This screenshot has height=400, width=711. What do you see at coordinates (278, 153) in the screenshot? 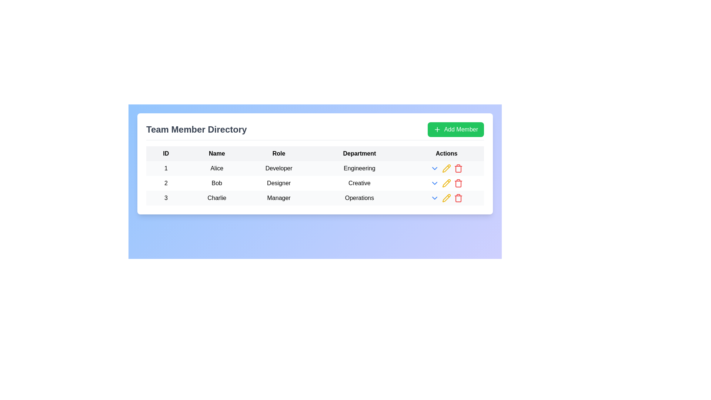
I see `the 'Role' table header, which is the third column header in a table row labeled 'ID', 'Name', 'Role', 'Department', and 'Actions'. This header is styled in bold black text on a light gray background` at bounding box center [278, 153].